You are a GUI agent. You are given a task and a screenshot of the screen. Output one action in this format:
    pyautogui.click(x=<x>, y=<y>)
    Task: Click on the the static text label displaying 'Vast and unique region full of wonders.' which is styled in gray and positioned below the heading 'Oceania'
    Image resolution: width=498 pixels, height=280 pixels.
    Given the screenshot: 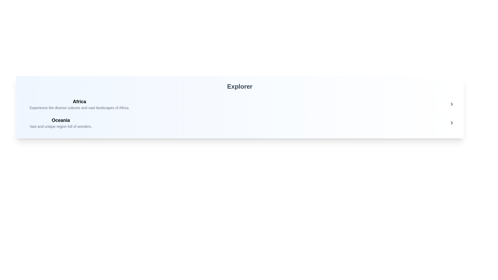 What is the action you would take?
    pyautogui.click(x=61, y=127)
    